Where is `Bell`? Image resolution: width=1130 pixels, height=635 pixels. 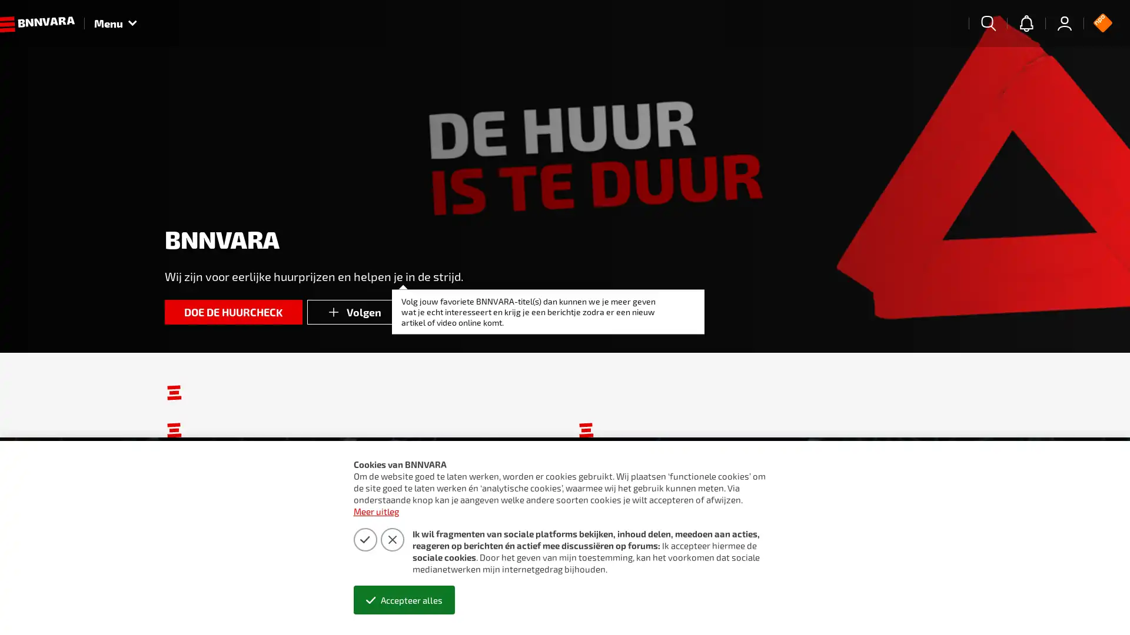
Bell is located at coordinates (1025, 23).